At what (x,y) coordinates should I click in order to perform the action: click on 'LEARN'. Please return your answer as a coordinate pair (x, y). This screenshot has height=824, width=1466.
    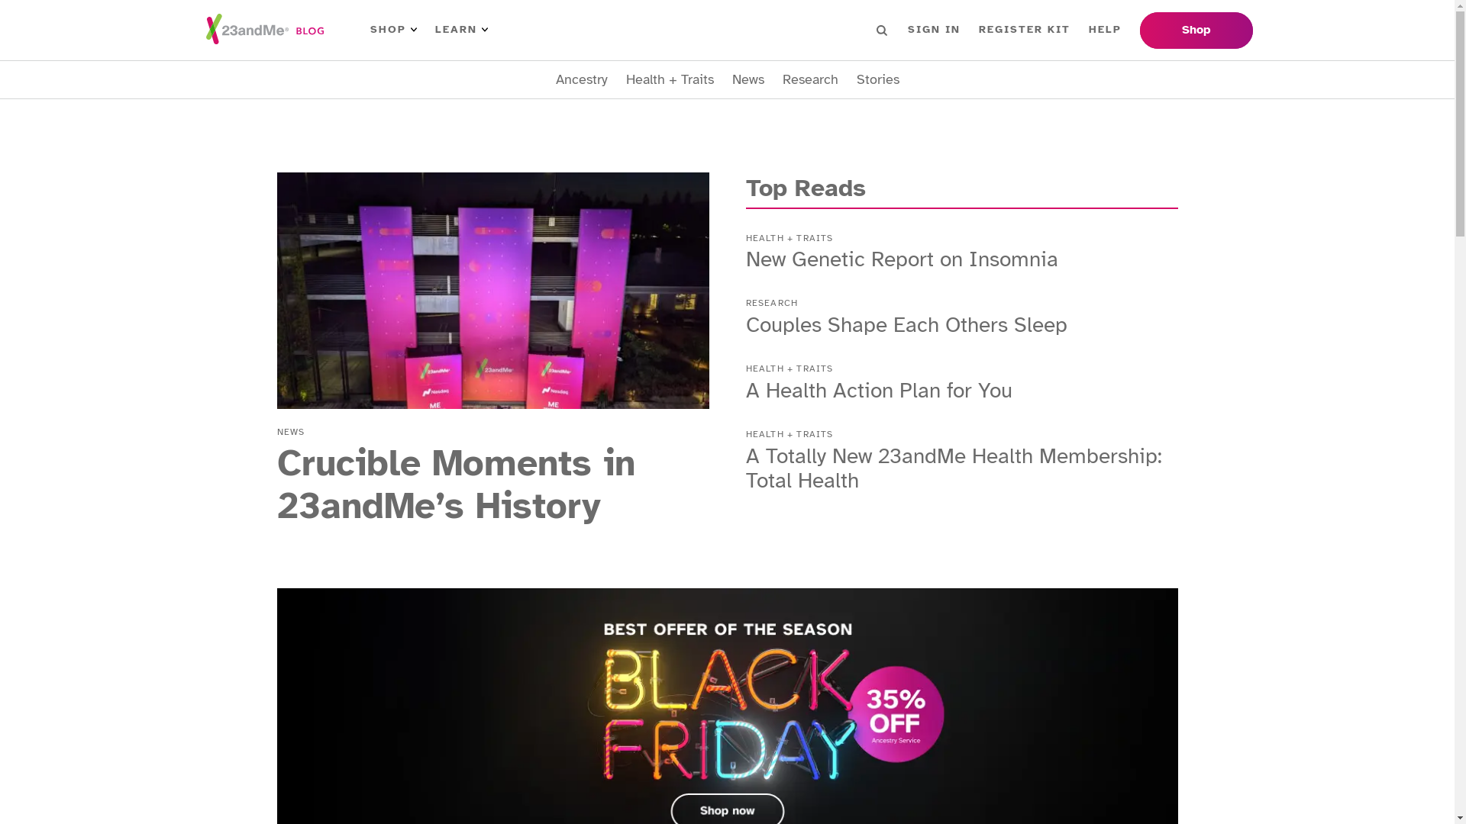
    Looking at the image, I should click on (460, 29).